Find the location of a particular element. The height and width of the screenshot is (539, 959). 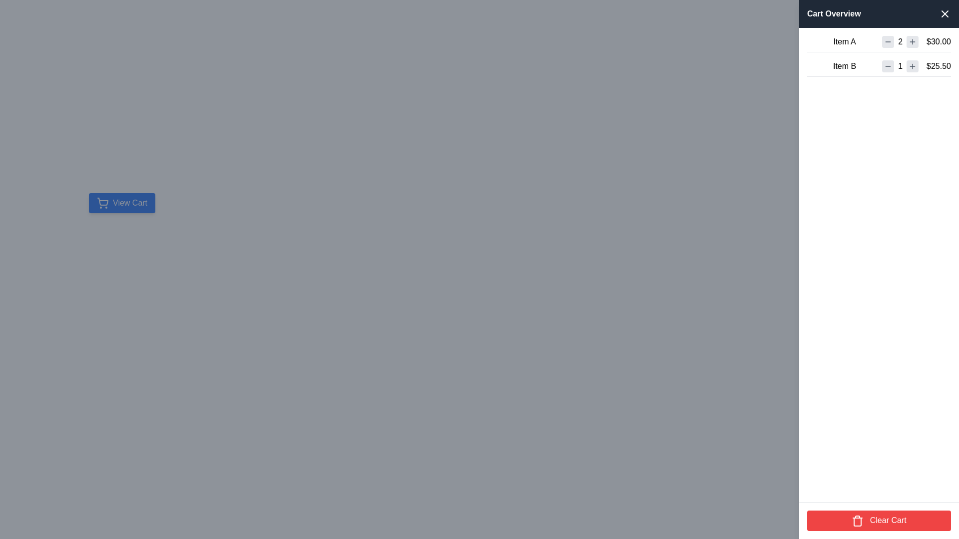

the text label displaying the quantity of 'Item B' in the shopping cart, which is positioned between the minus and plus buttons in the second row of the cart overview section is located at coordinates (900, 66).